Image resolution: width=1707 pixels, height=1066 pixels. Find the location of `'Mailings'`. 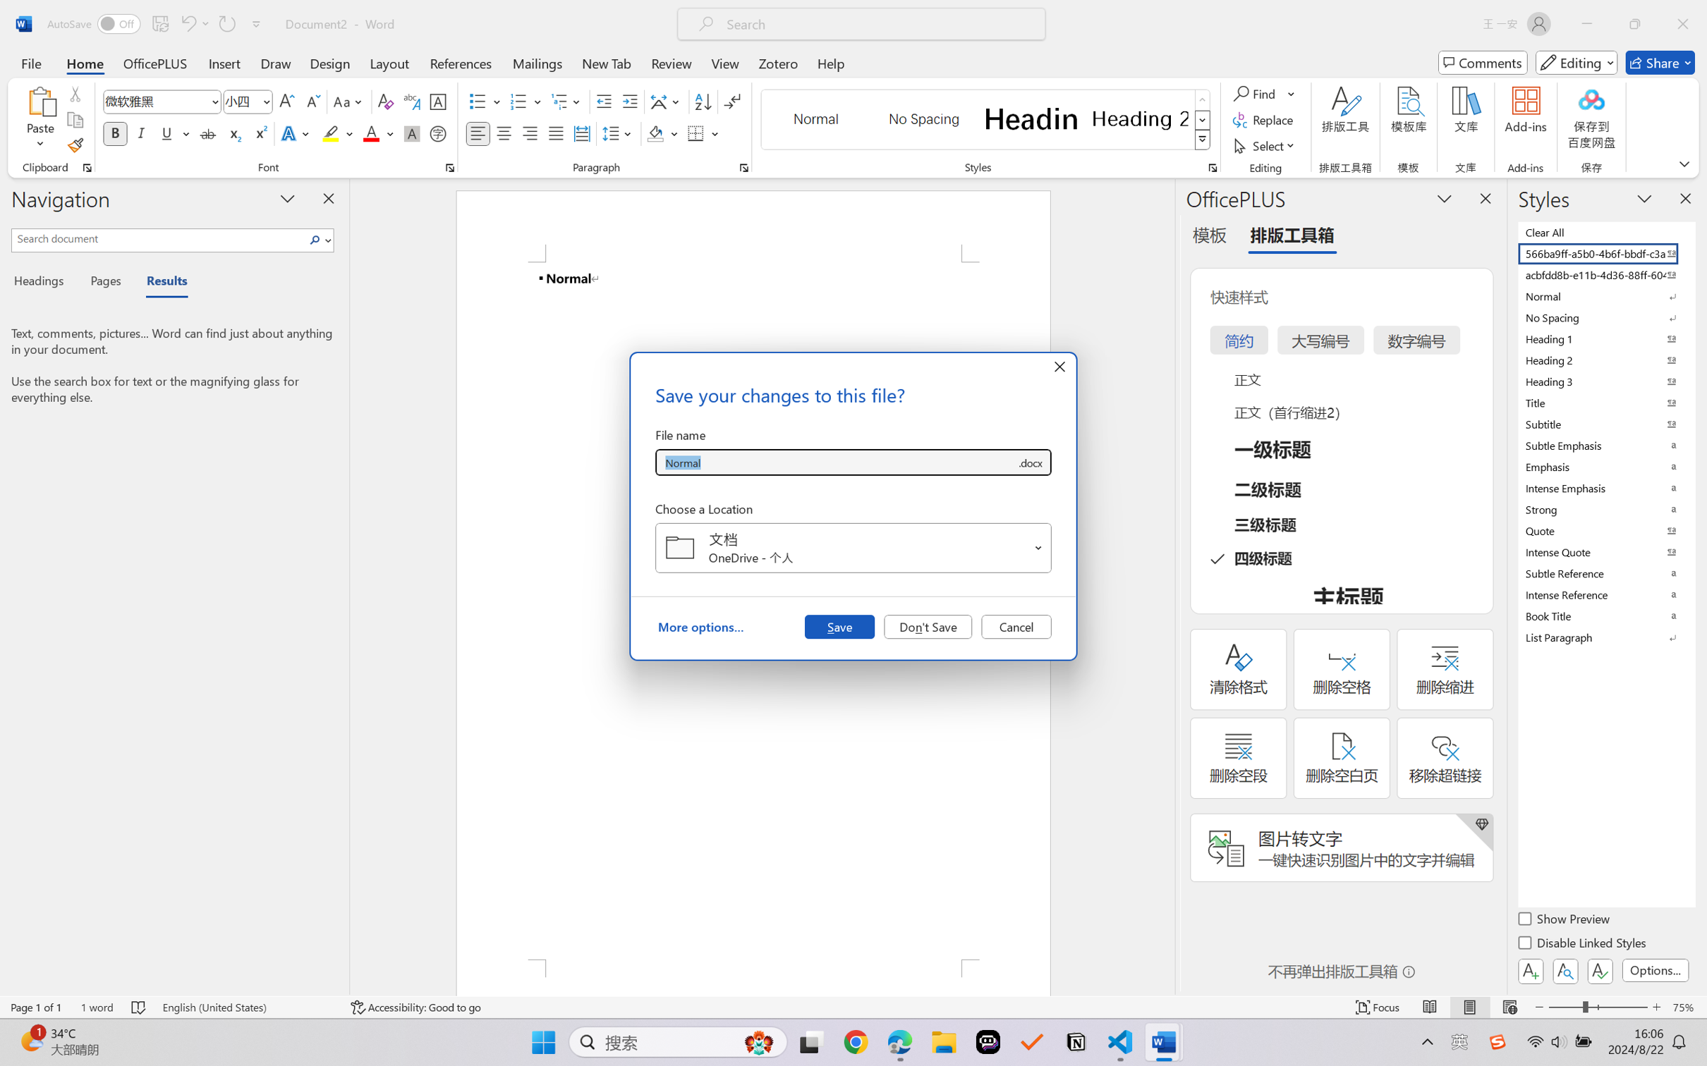

'Mailings' is located at coordinates (537, 62).